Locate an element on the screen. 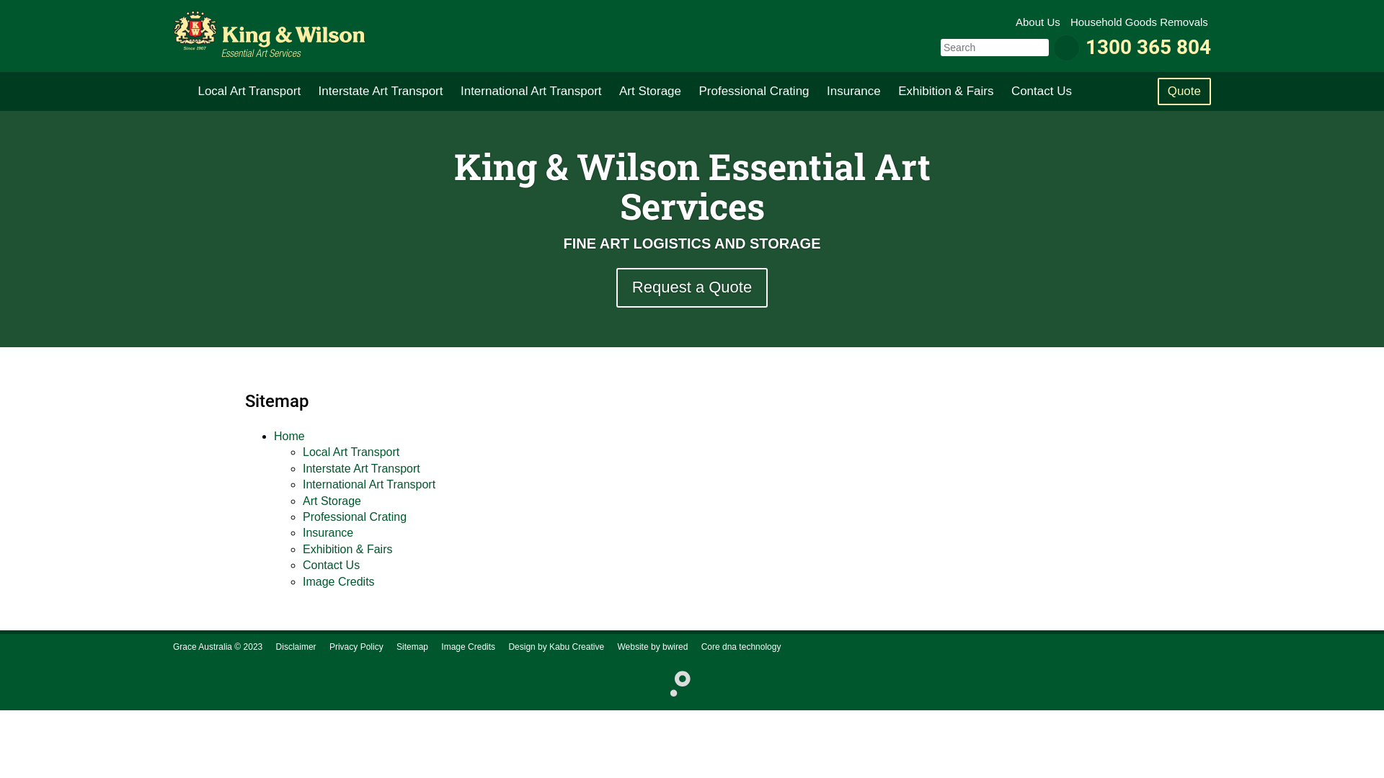 This screenshot has height=778, width=1384. 'Privacy Policy' is located at coordinates (356, 646).